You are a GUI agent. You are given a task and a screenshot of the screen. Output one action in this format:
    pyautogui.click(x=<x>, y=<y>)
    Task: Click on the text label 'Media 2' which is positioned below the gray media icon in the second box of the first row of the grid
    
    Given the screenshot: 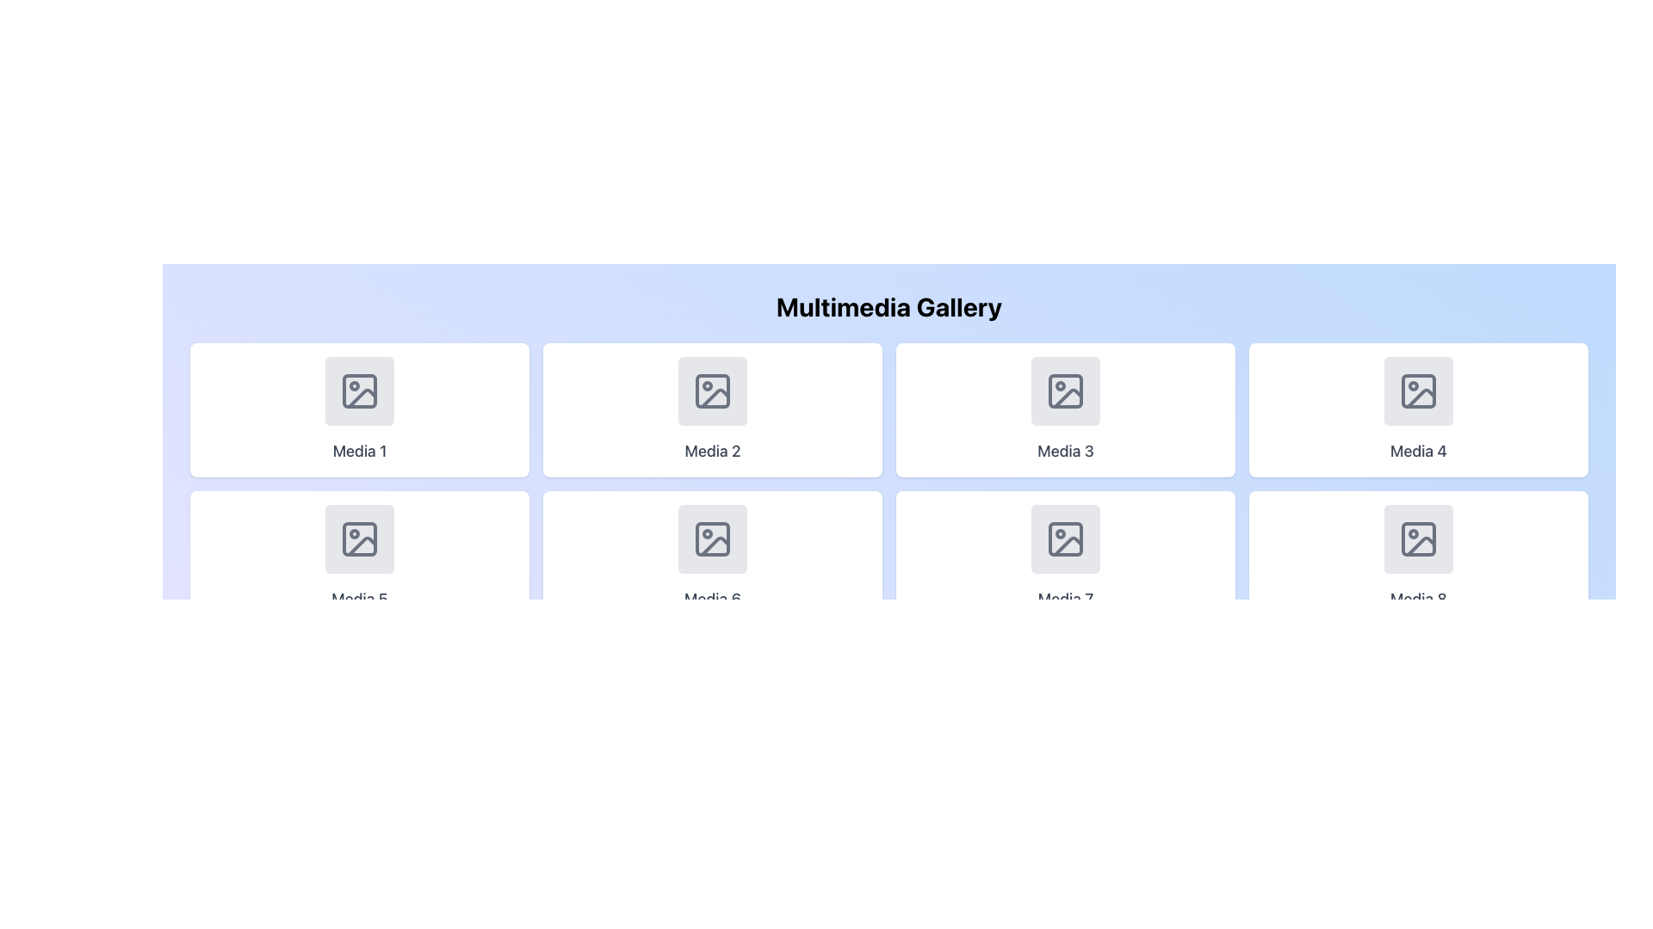 What is the action you would take?
    pyautogui.click(x=713, y=450)
    